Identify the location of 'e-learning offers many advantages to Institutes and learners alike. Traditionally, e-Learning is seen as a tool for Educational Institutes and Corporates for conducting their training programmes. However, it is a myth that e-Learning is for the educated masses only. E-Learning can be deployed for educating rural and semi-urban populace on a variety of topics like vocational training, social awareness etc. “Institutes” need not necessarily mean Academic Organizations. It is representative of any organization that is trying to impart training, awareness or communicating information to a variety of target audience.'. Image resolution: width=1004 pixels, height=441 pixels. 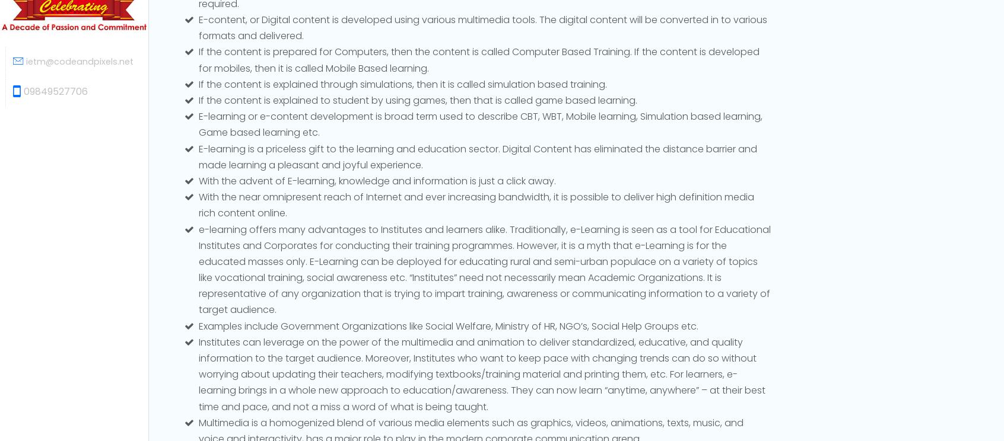
(485, 269).